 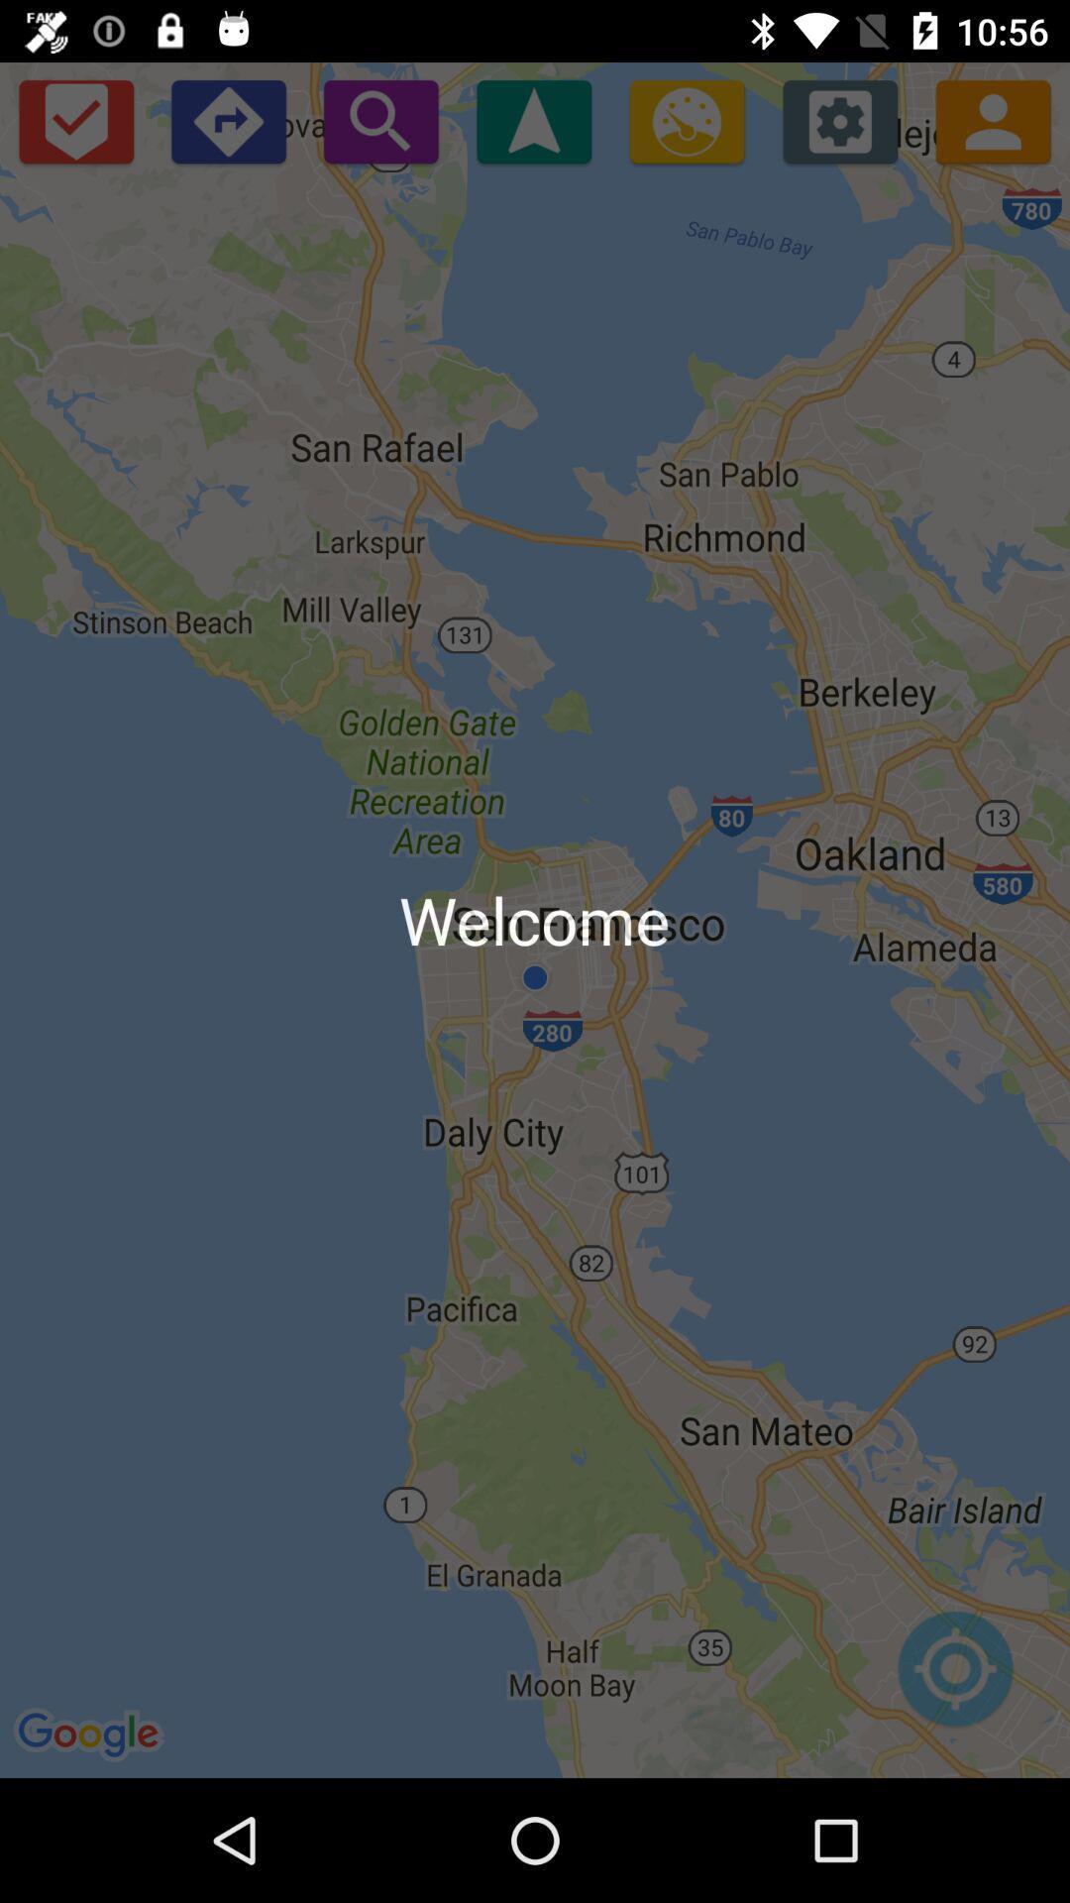 What do you see at coordinates (840, 120) in the screenshot?
I see `settings` at bounding box center [840, 120].